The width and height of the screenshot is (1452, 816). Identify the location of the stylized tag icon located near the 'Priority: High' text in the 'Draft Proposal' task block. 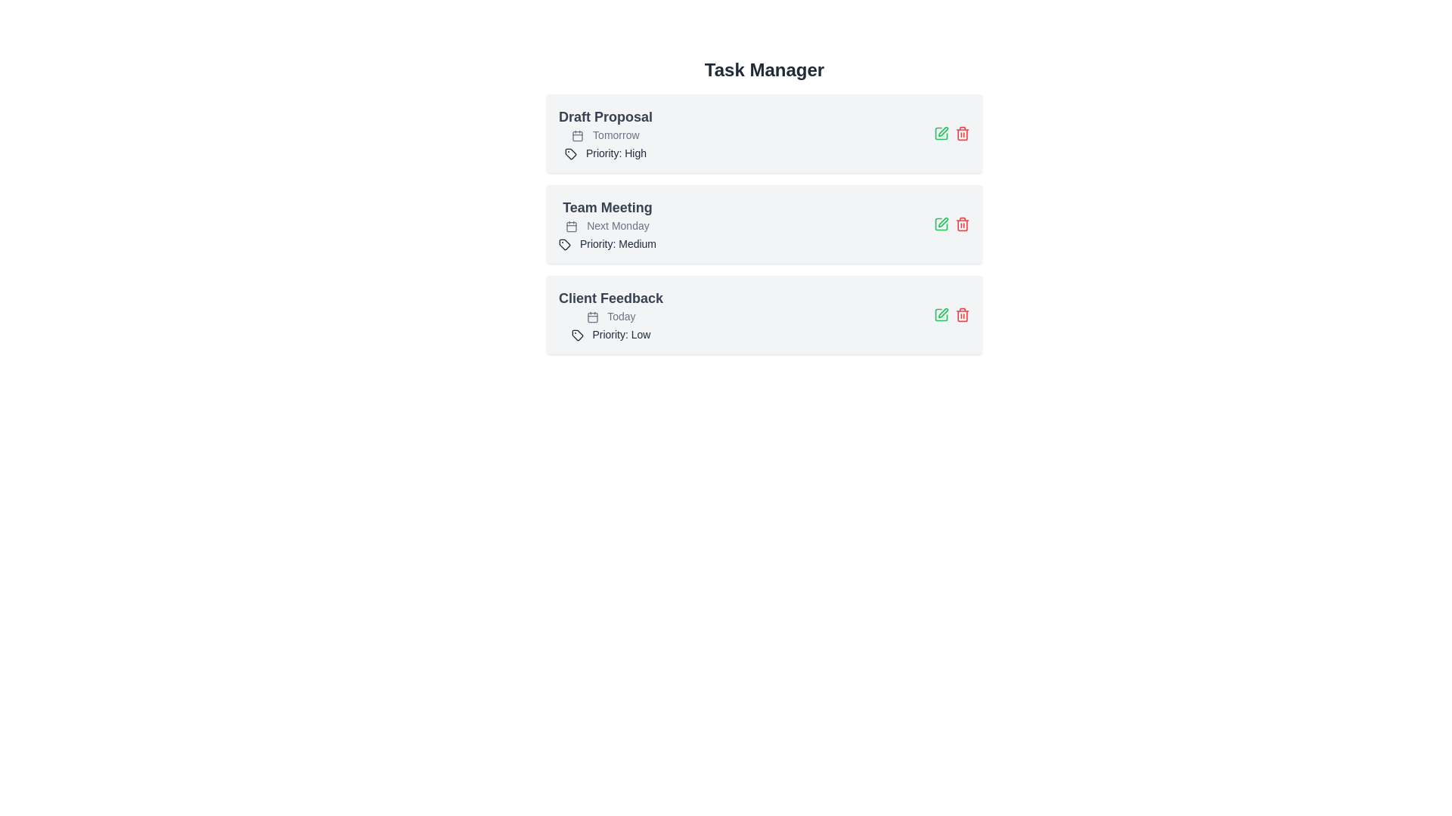
(569, 154).